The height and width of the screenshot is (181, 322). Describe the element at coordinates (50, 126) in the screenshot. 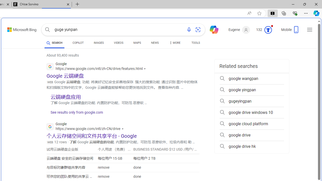

I see `'Global web icon'` at that location.